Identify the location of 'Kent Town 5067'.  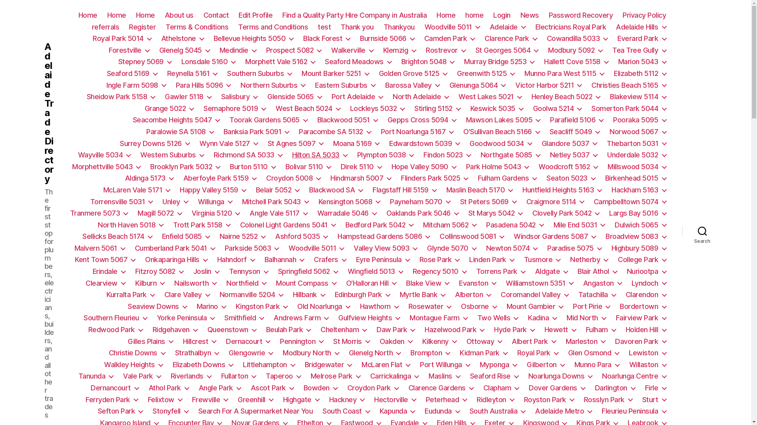
(75, 259).